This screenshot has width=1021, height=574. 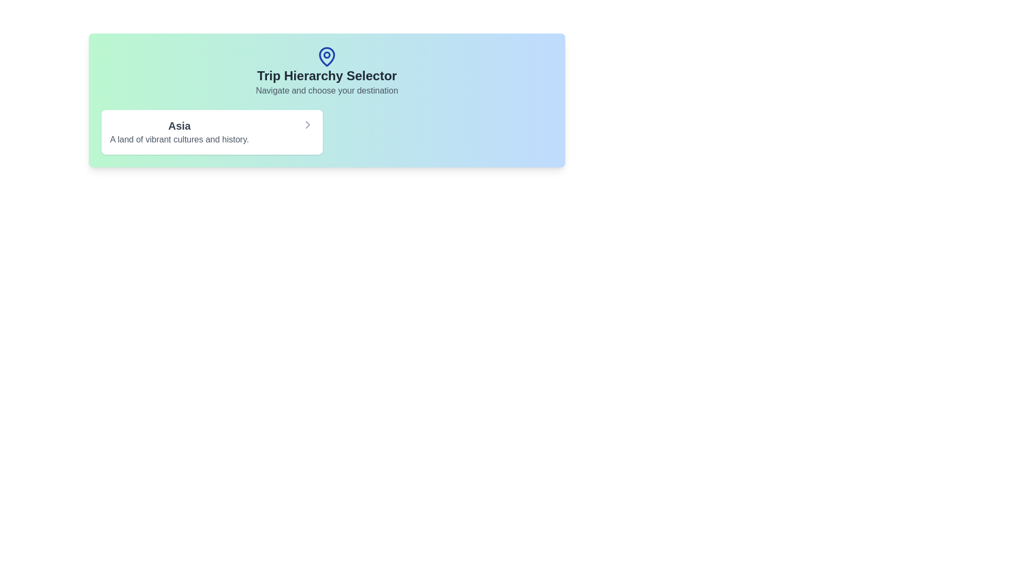 I want to click on the small SVG Circle that is part of the pin-shaped icon above the 'Trip Hierarchy Selector' title by clicking on it, so click(x=326, y=55).